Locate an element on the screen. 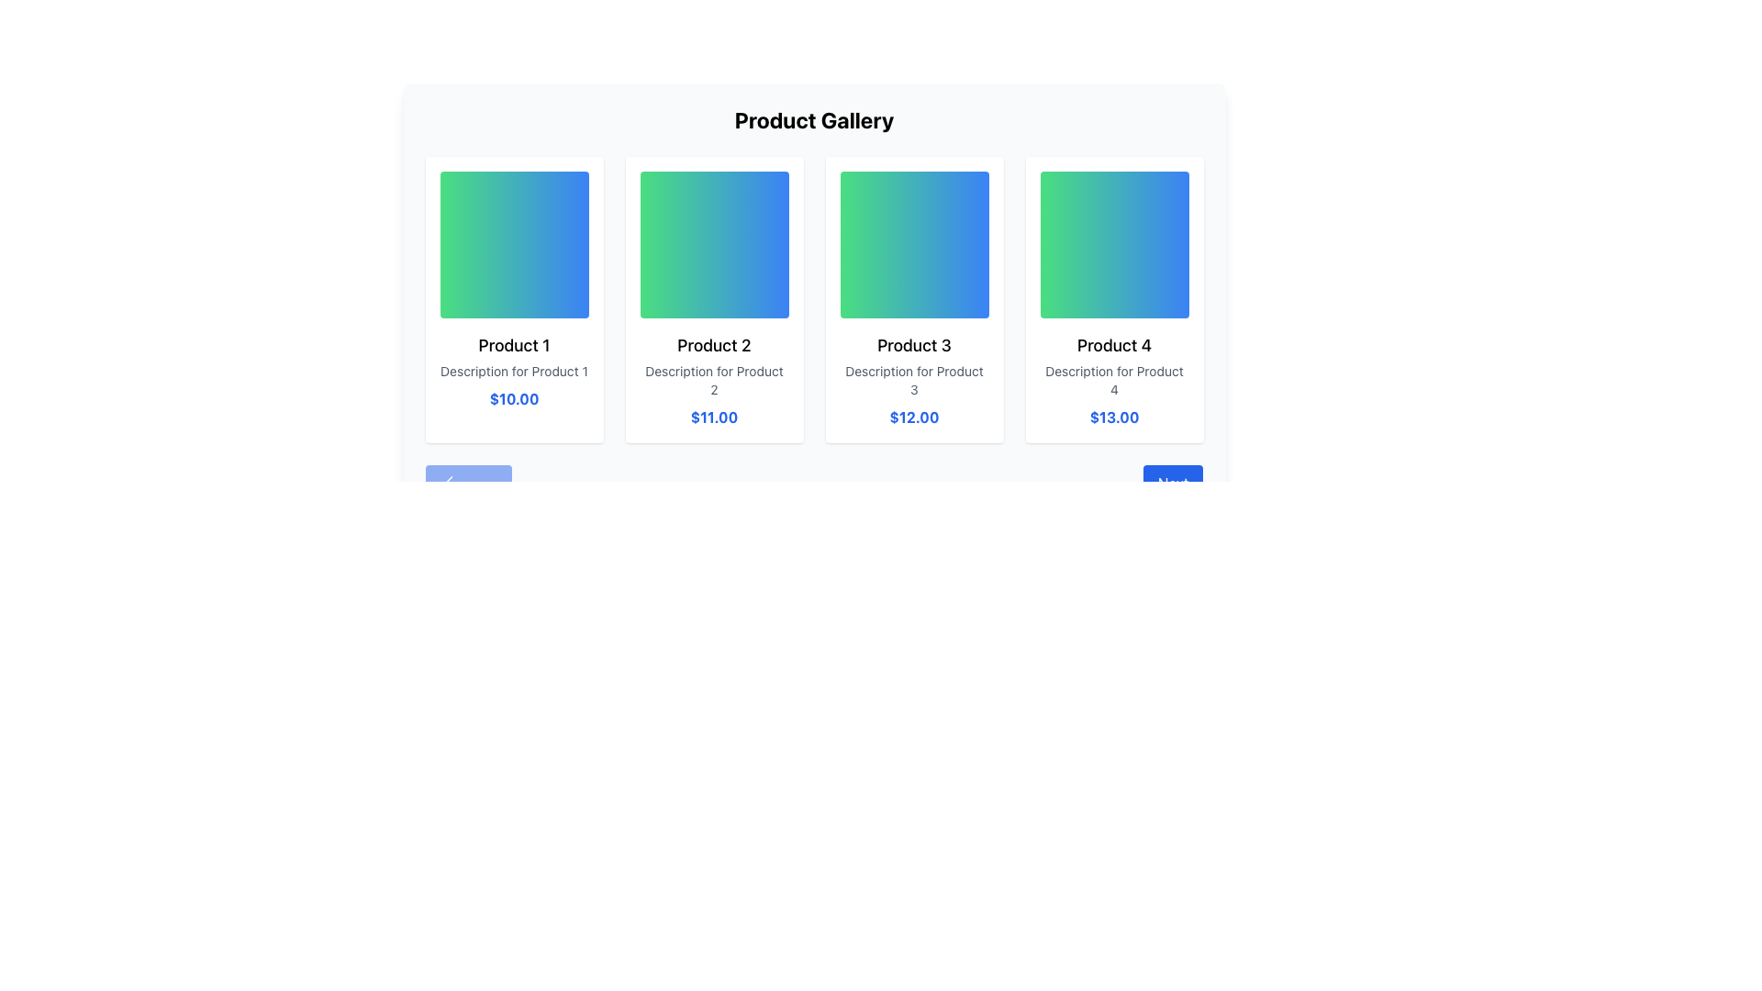  the 'previous page' button located in the bottom-left section of the navigation bar to observe the hover effect is located at coordinates (468, 491).